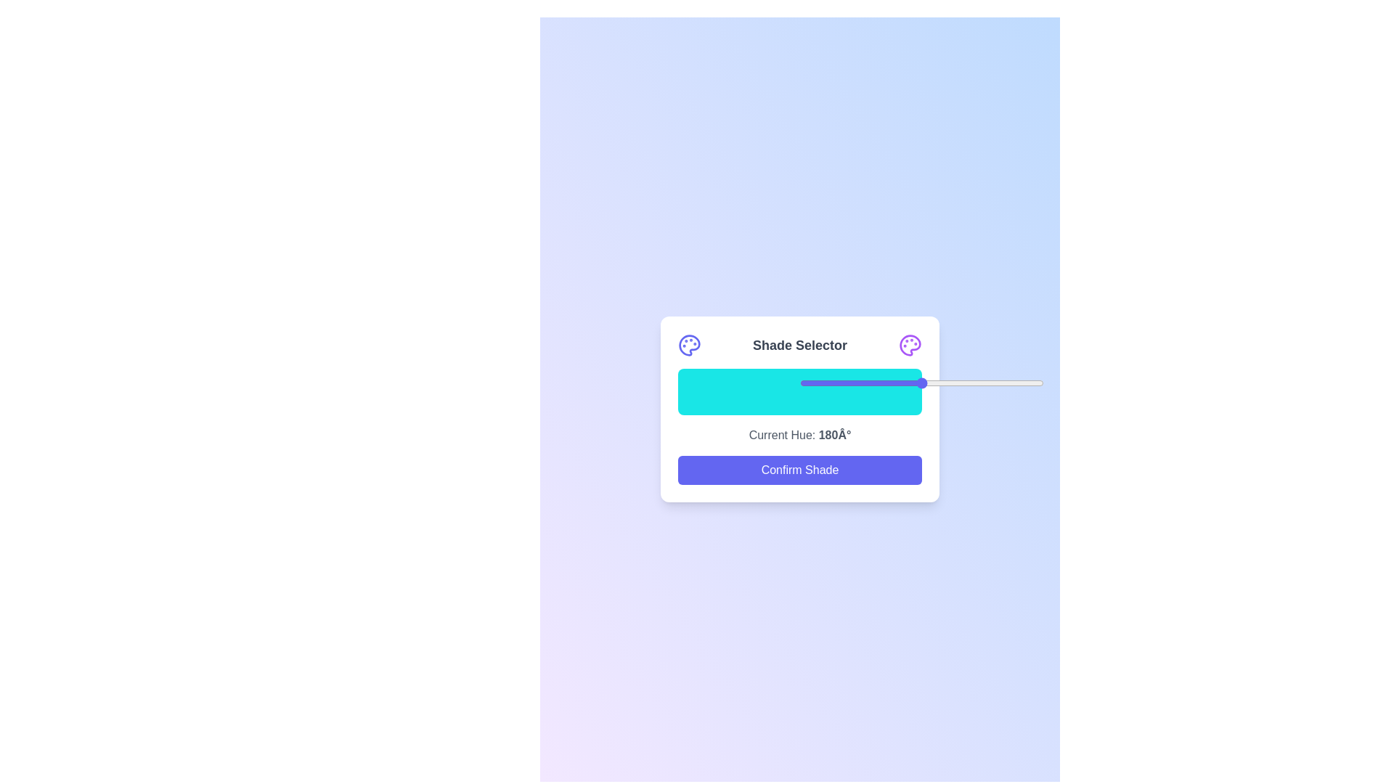 The height and width of the screenshot is (784, 1394). I want to click on the slider to set the shade to 63%, so click(953, 383).